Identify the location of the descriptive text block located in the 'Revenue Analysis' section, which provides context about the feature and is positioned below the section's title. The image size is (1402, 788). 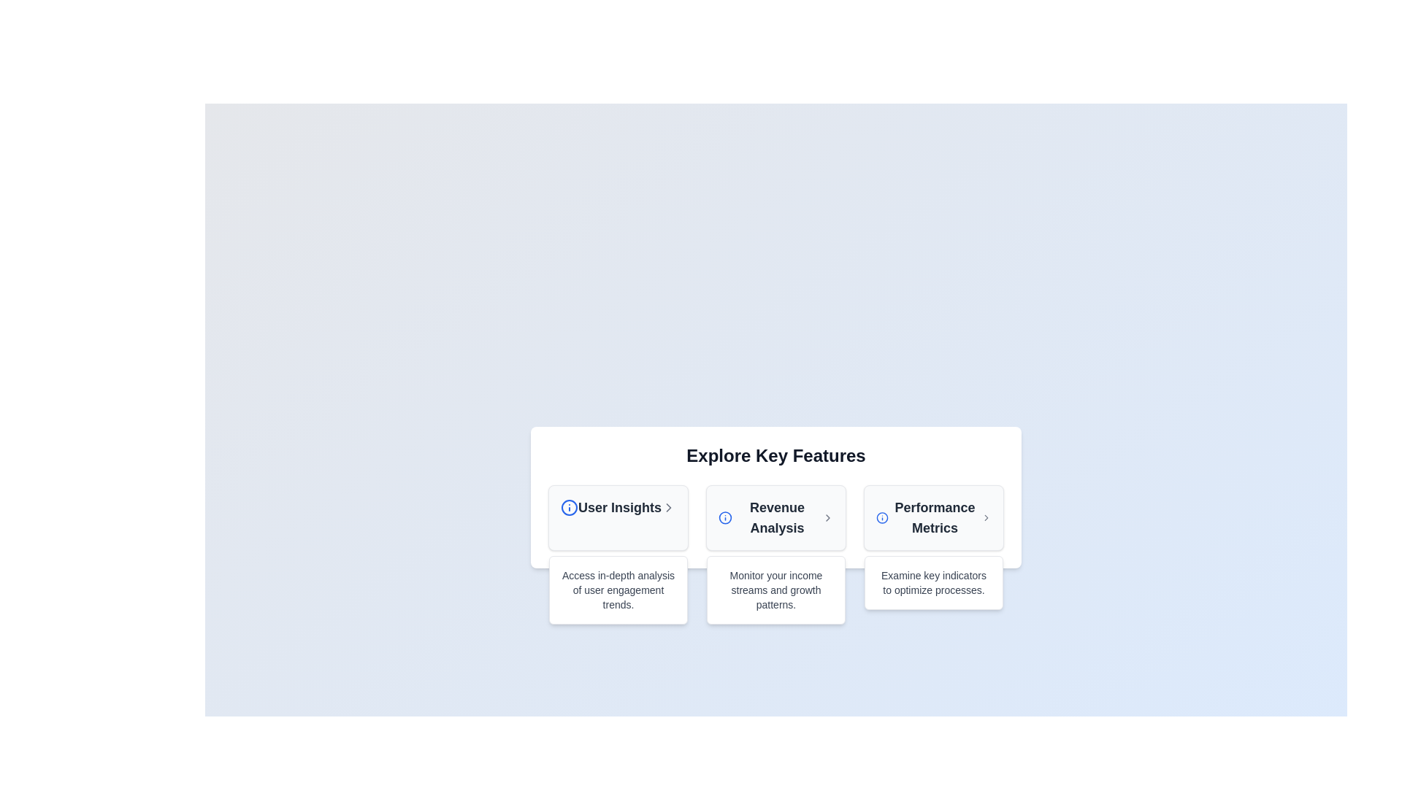
(775, 590).